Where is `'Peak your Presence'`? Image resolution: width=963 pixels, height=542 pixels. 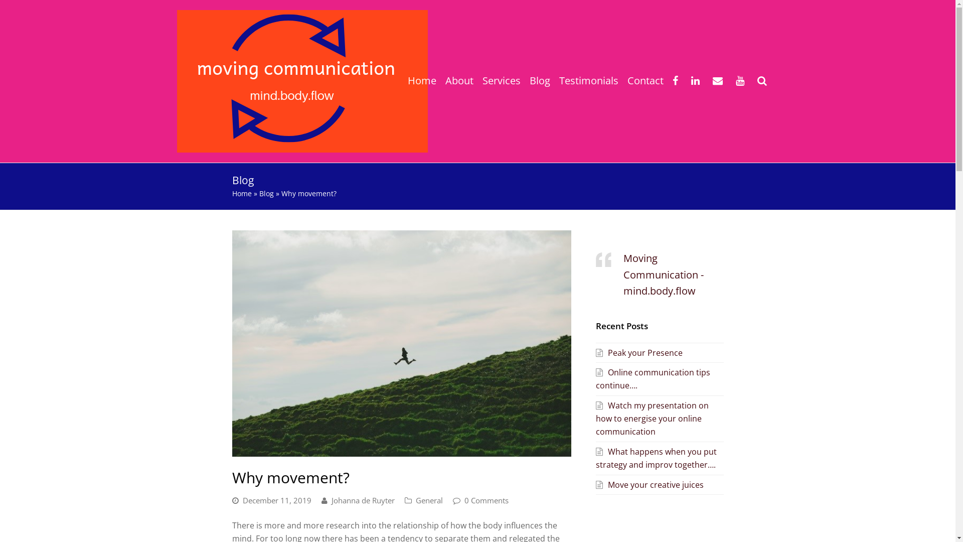
'Peak your Presence' is located at coordinates (638, 352).